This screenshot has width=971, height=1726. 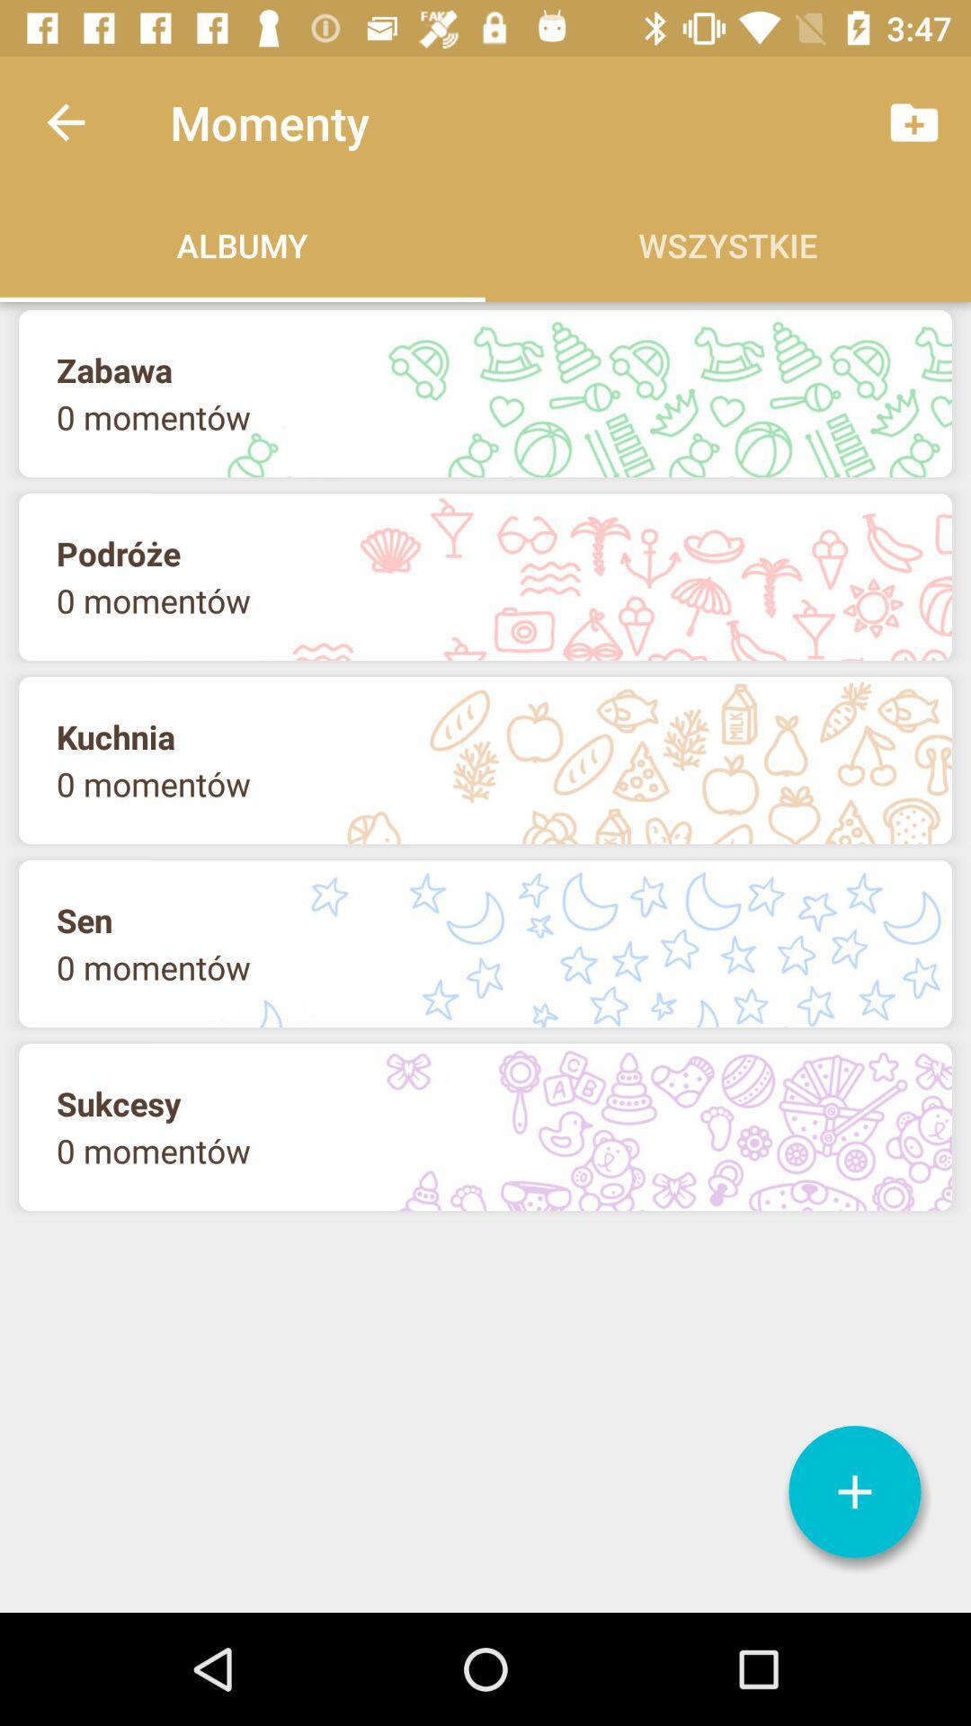 I want to click on the add icon, so click(x=854, y=1491).